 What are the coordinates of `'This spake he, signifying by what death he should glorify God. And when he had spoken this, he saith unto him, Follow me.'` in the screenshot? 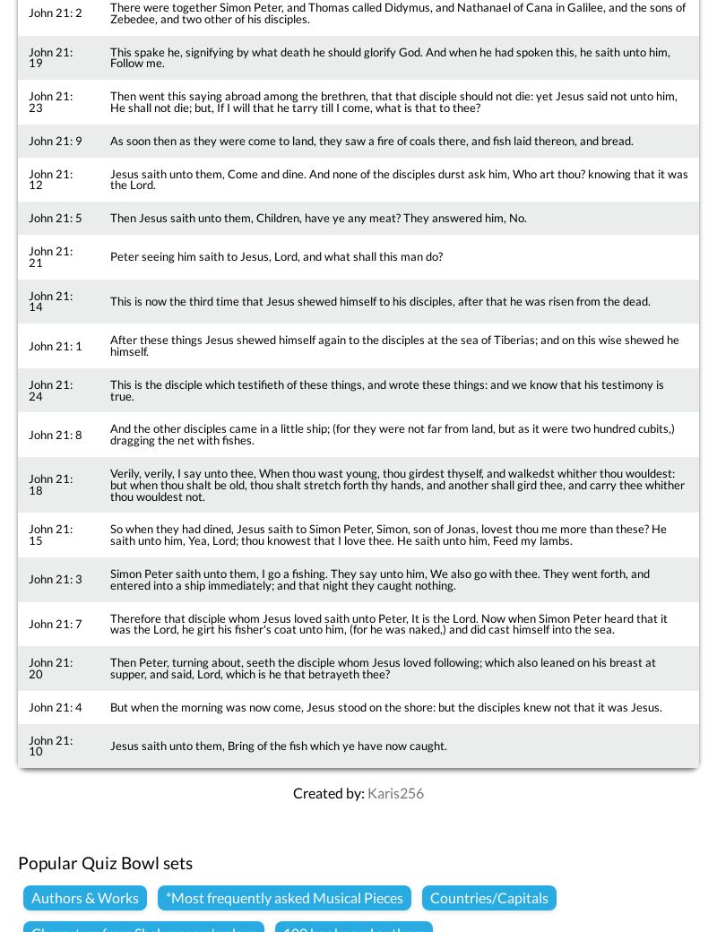 It's located at (108, 56).